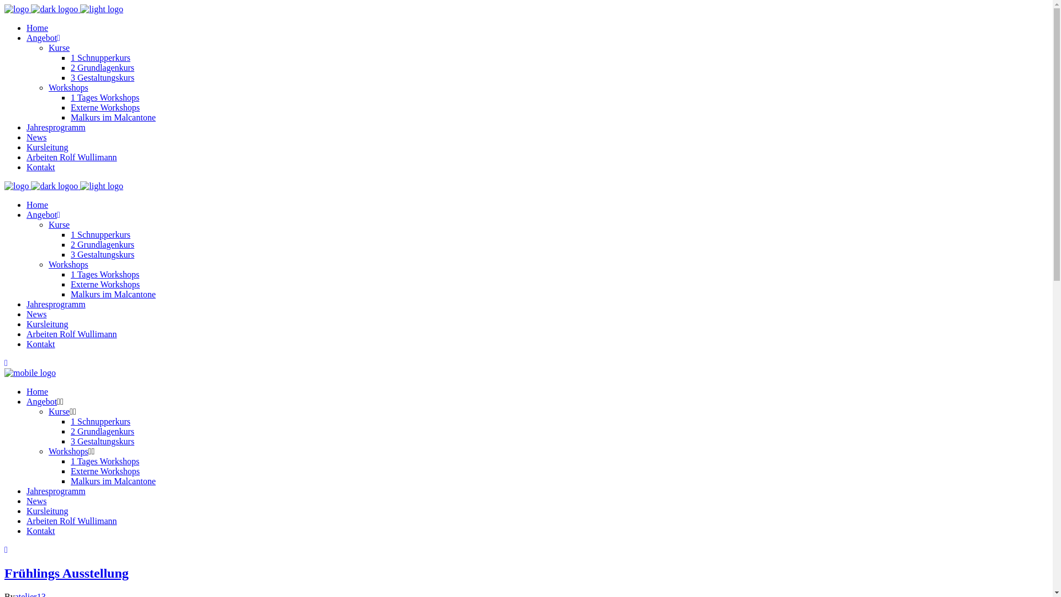 Image resolution: width=1061 pixels, height=597 pixels. I want to click on 'Jahresprogramm', so click(55, 304).